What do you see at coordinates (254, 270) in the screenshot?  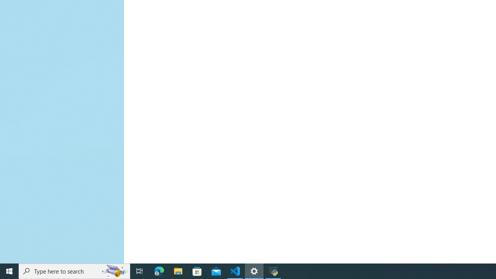 I see `'Settings - 1 running window'` at bounding box center [254, 270].